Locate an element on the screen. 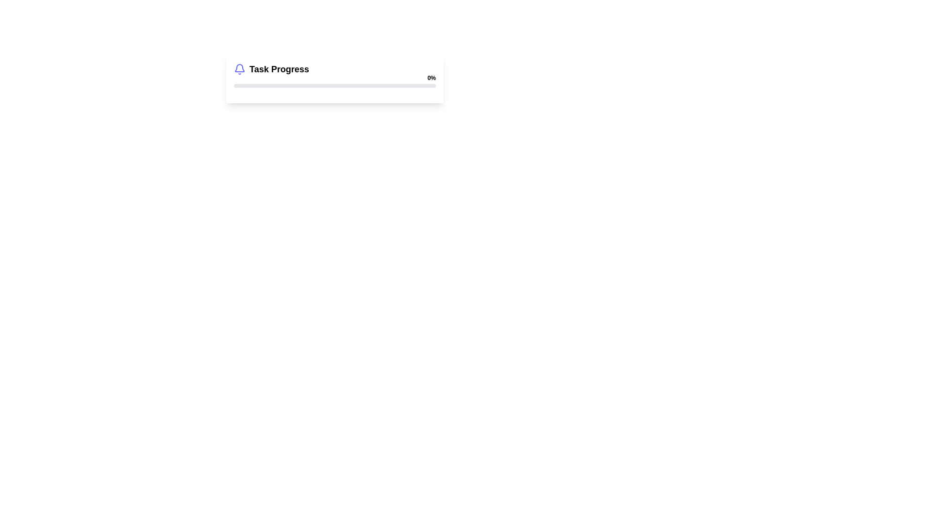 The width and height of the screenshot is (932, 524). the Bell Icon element, which is a simplistic indigo-colored bell-shaped icon located to the left of the 'Task Progress' text is located at coordinates (240, 68).